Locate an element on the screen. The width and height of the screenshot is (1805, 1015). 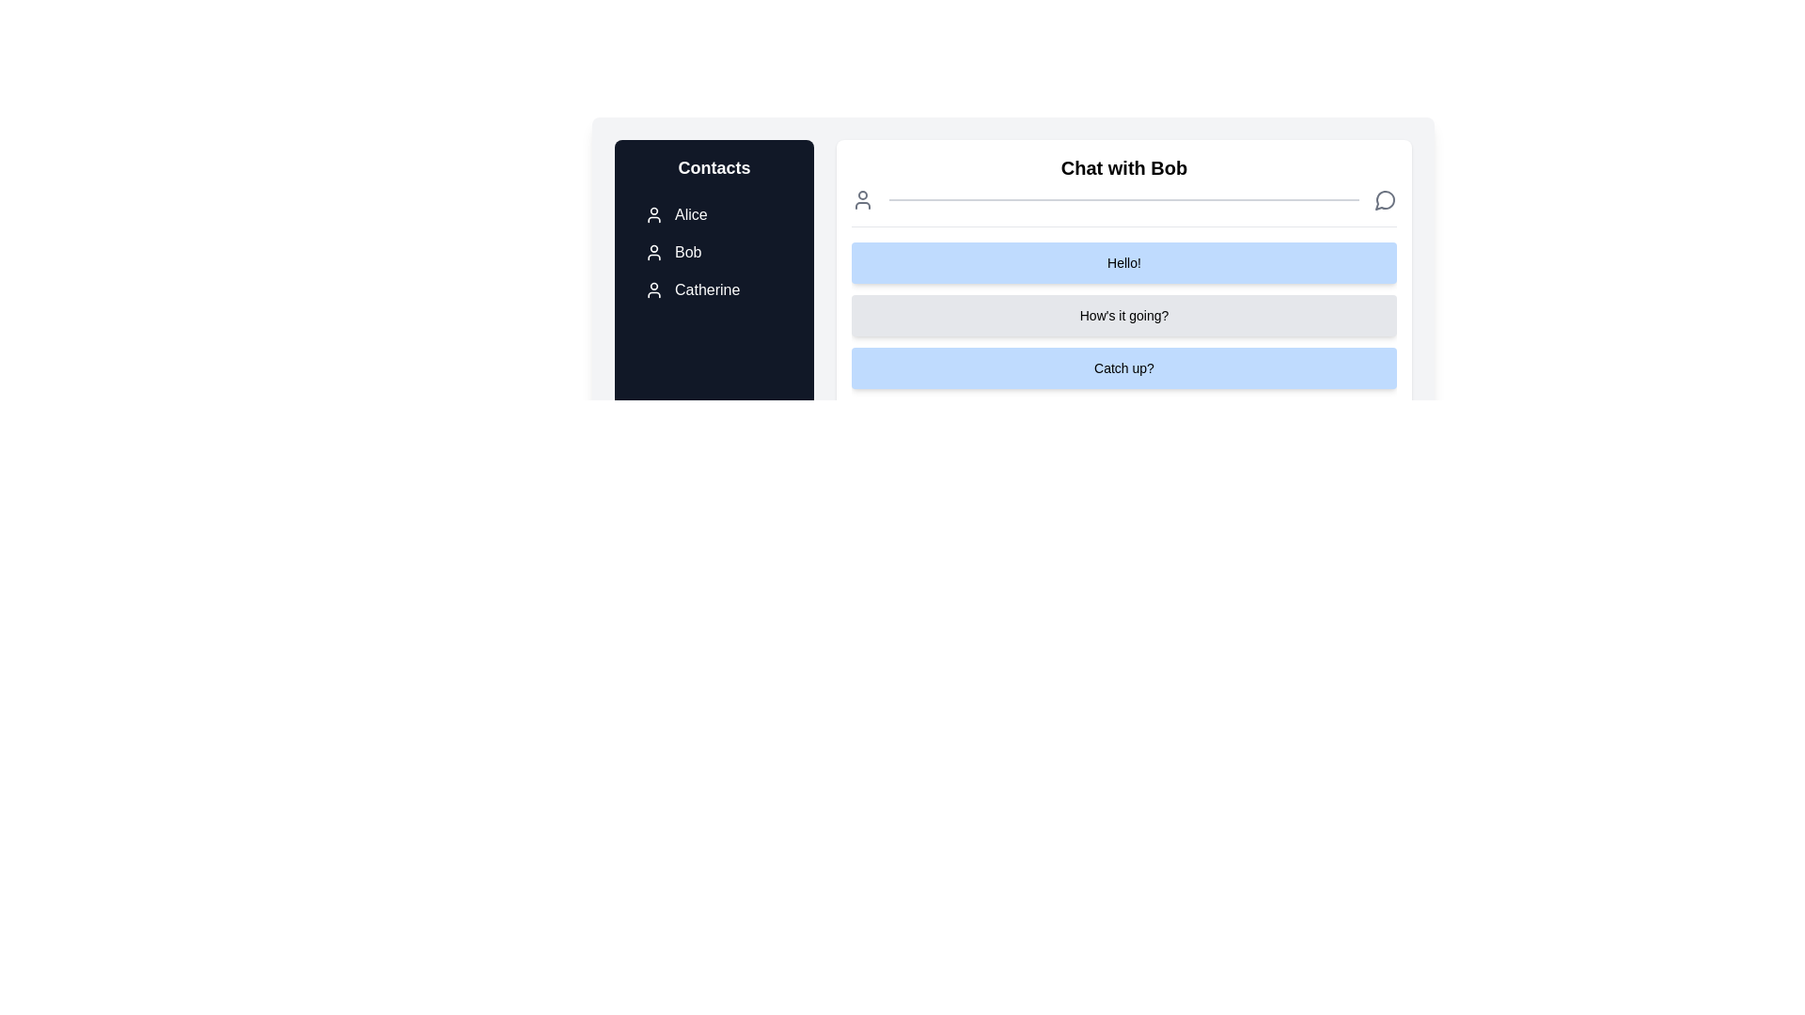
the contact entry labeled 'Alice' to possibly reveal additional details is located at coordinates (713, 213).